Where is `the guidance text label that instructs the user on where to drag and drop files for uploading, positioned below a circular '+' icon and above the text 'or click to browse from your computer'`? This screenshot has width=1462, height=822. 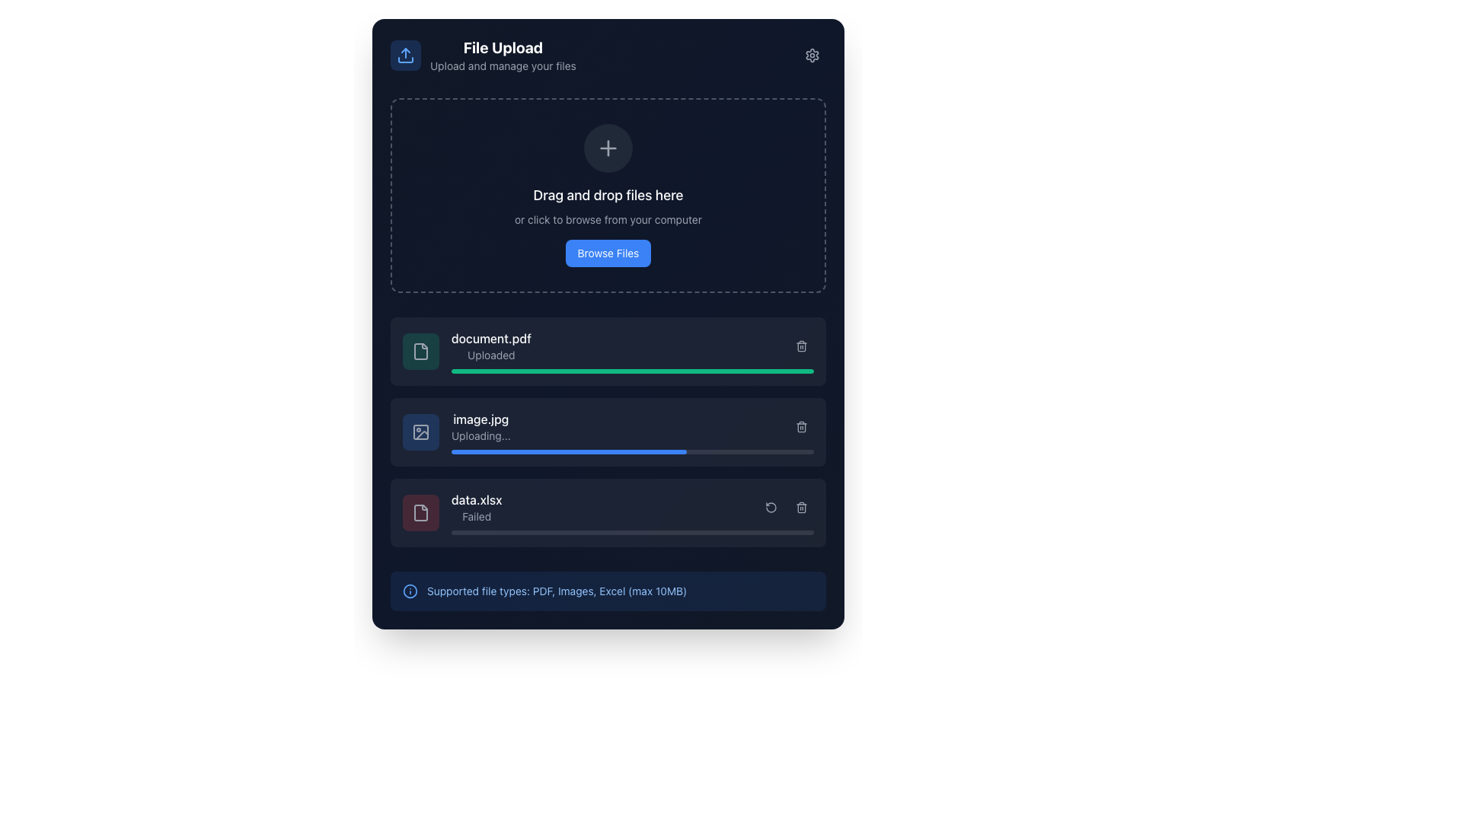 the guidance text label that instructs the user on where to drag and drop files for uploading, positioned below a circular '+' icon and above the text 'or click to browse from your computer' is located at coordinates (607, 195).